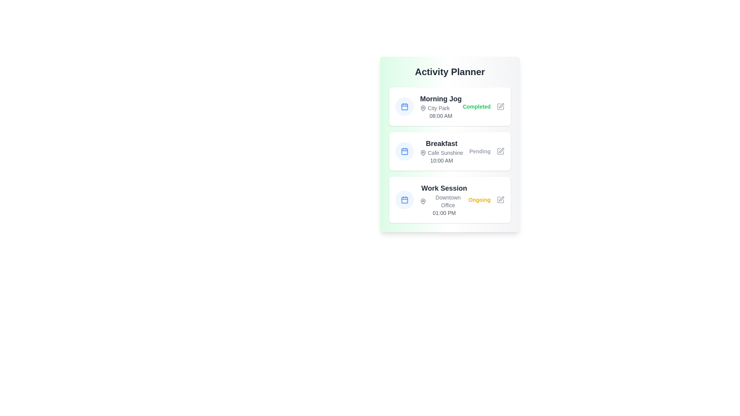  I want to click on the calendar icon with a blue outline and white background, located adjacent to the 'Morning Jog' text, so click(404, 107).